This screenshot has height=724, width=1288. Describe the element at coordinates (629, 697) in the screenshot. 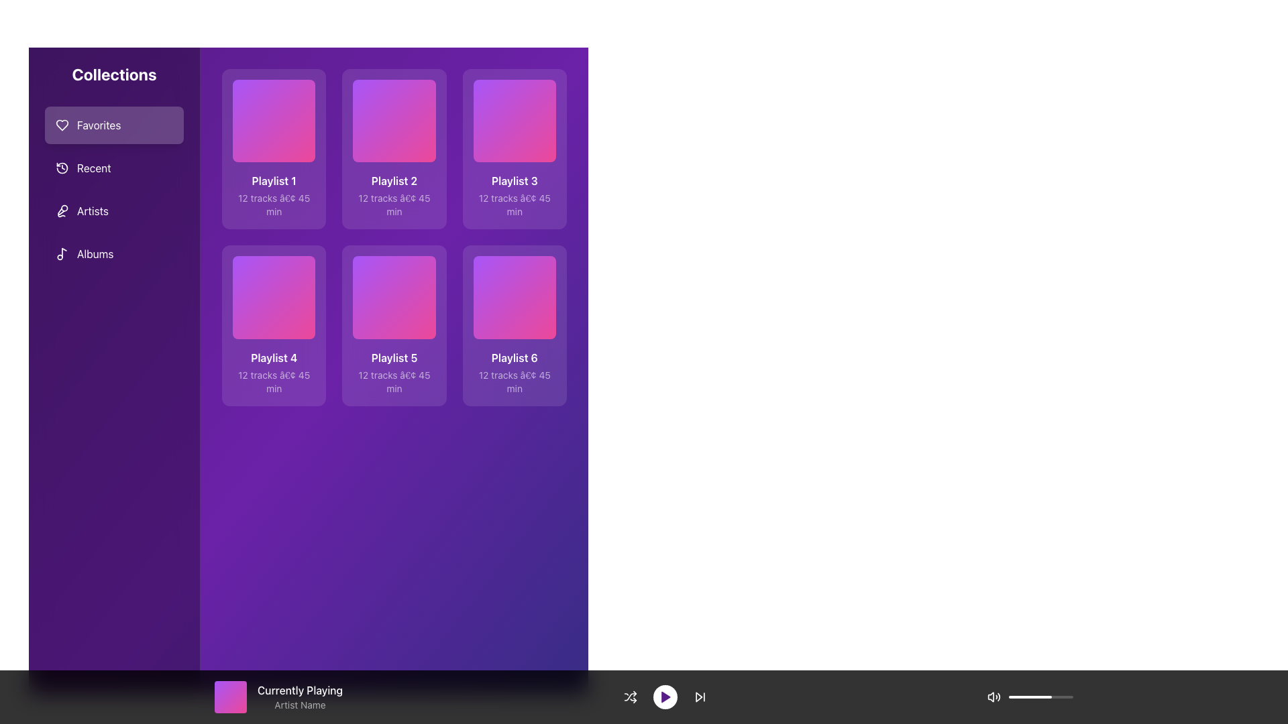

I see `the shuffle button located in the bottom control bar, which is the first icon to the left of the circular play button` at that location.